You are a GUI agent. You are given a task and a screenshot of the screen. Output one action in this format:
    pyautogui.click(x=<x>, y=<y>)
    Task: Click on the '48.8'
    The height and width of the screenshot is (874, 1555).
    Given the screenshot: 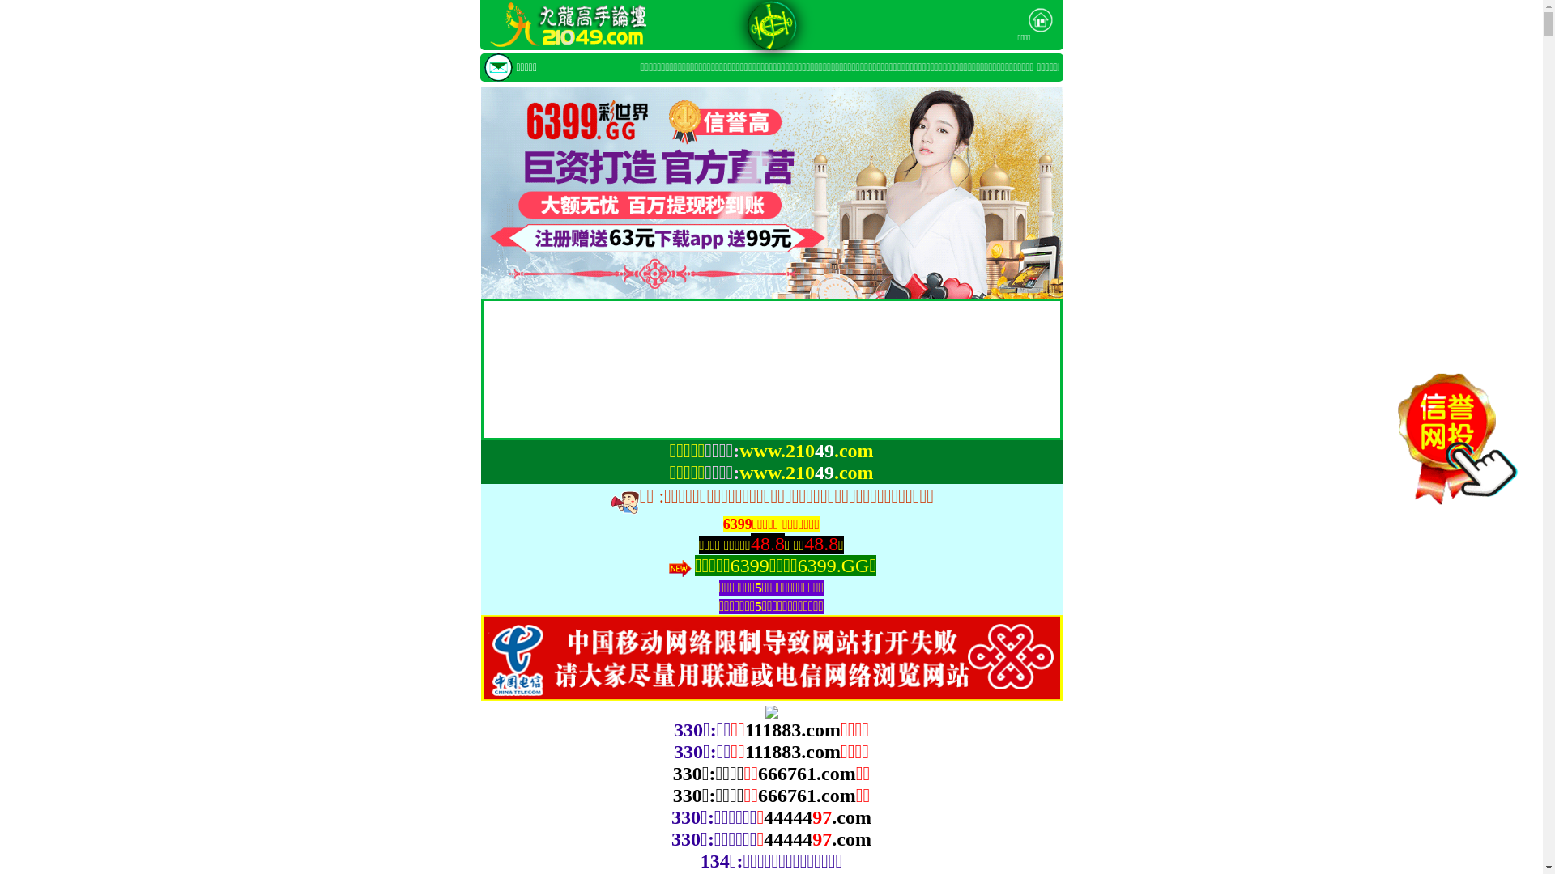 What is the action you would take?
    pyautogui.click(x=820, y=544)
    